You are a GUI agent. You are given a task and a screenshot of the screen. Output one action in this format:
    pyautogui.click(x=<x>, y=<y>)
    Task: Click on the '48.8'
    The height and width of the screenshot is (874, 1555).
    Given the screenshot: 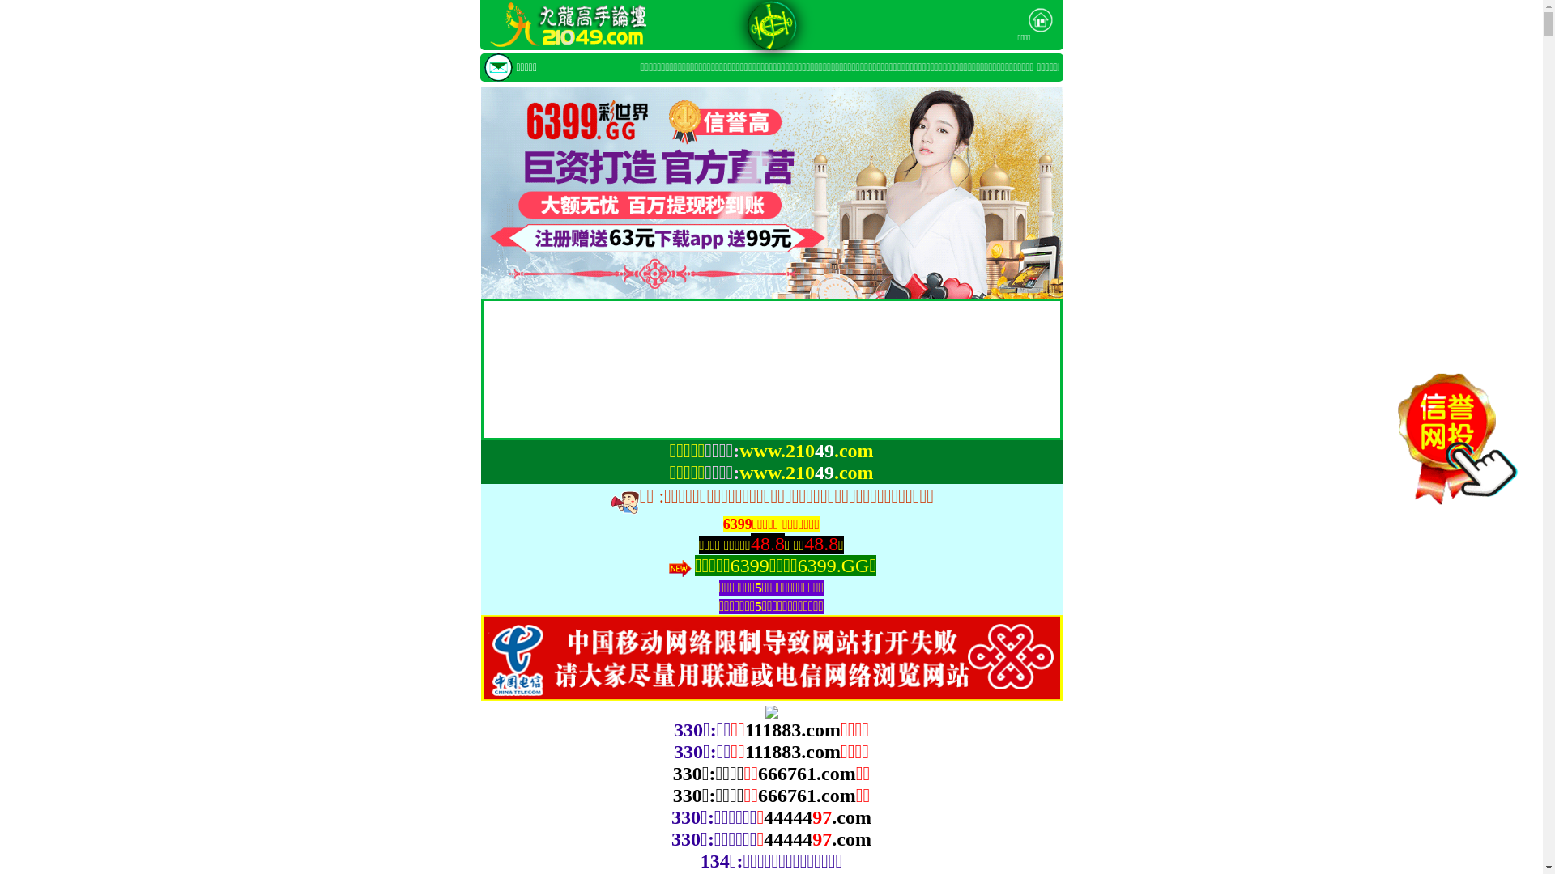 What is the action you would take?
    pyautogui.click(x=820, y=544)
    